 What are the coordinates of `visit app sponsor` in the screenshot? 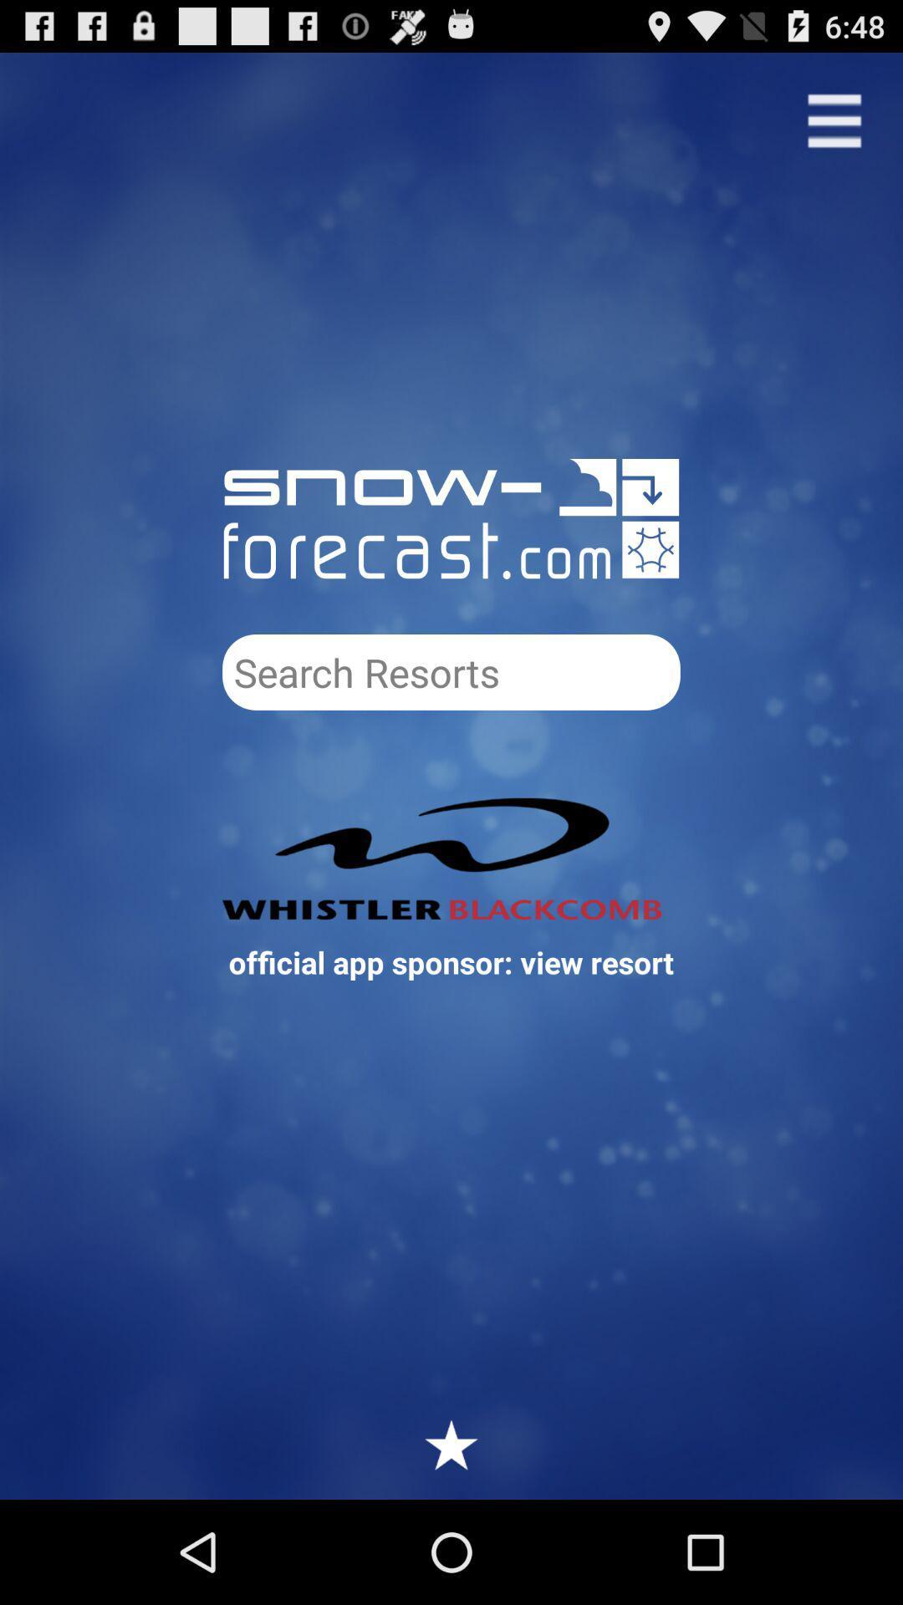 It's located at (451, 859).